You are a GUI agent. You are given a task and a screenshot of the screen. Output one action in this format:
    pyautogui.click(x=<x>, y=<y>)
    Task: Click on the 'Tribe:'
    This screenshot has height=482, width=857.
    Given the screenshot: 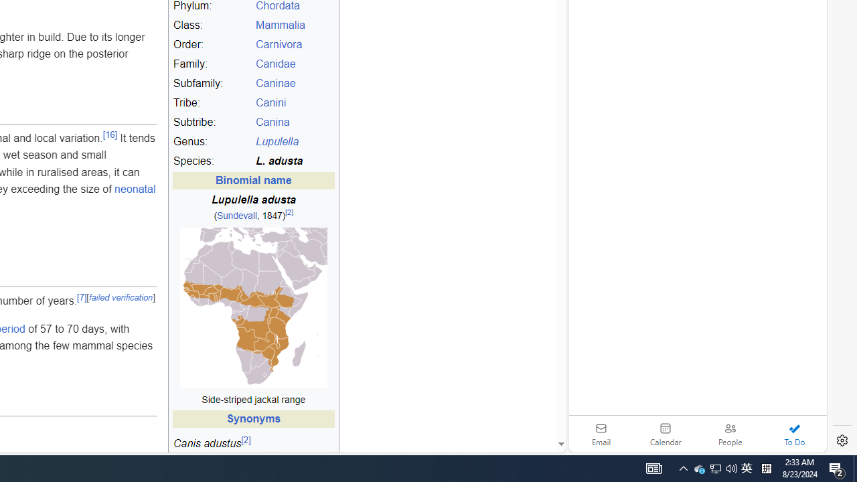 What is the action you would take?
    pyautogui.click(x=212, y=102)
    